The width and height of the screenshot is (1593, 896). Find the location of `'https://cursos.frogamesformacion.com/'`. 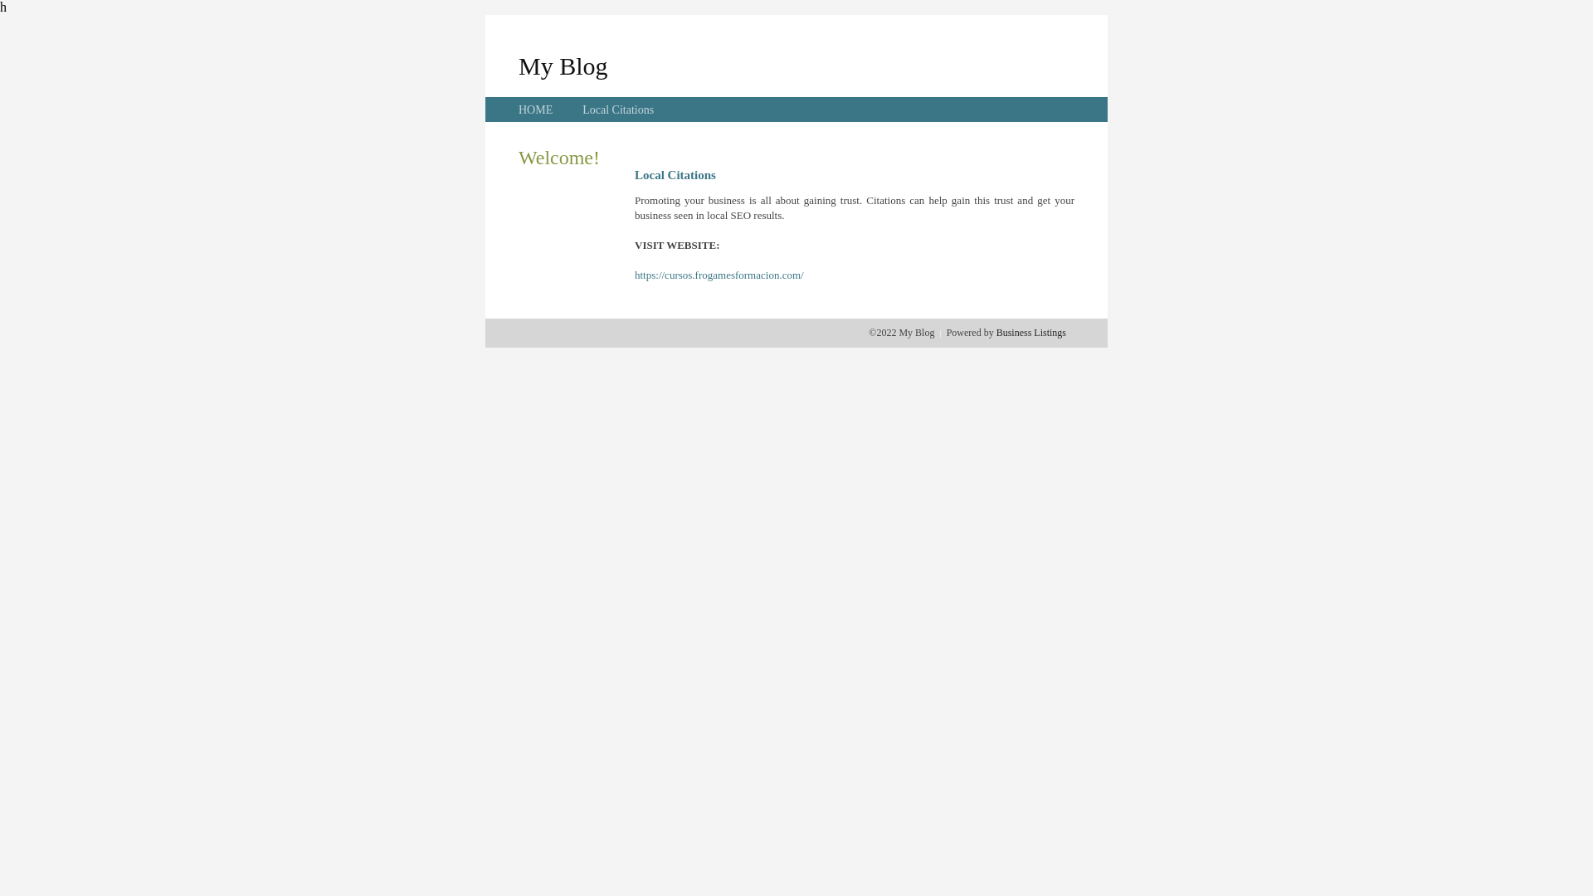

'https://cursos.frogamesformacion.com/' is located at coordinates (719, 274).